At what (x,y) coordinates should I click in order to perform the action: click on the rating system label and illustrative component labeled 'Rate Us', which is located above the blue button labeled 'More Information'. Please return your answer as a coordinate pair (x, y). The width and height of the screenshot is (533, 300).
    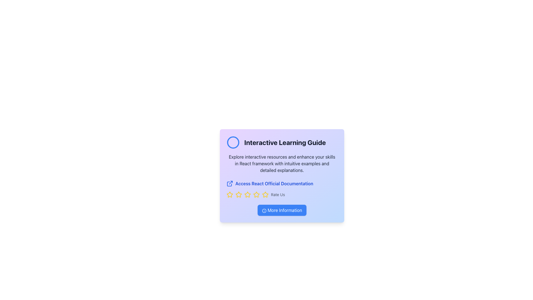
    Looking at the image, I should click on (282, 194).